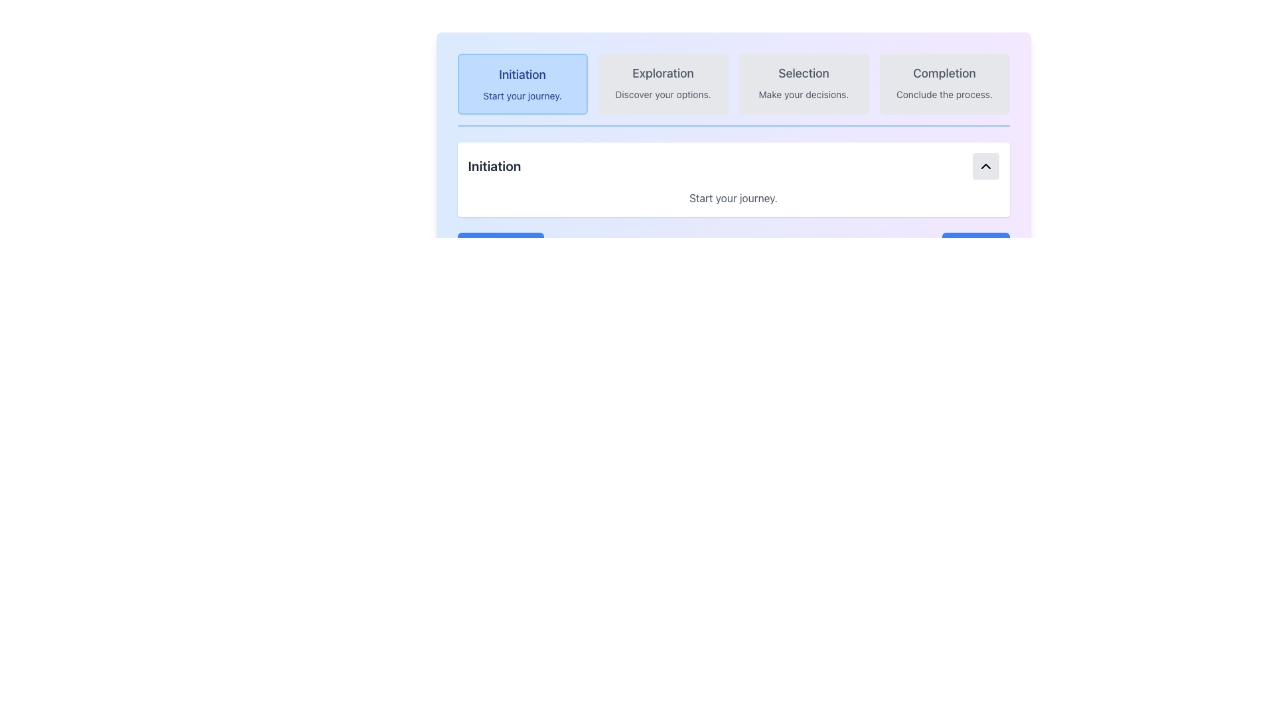 This screenshot has height=716, width=1274. I want to click on the 'Initiation' button, which has a light blue background, rounded corners, and contains the texts 'Initiation' and 'Start your journey.', so click(522, 84).